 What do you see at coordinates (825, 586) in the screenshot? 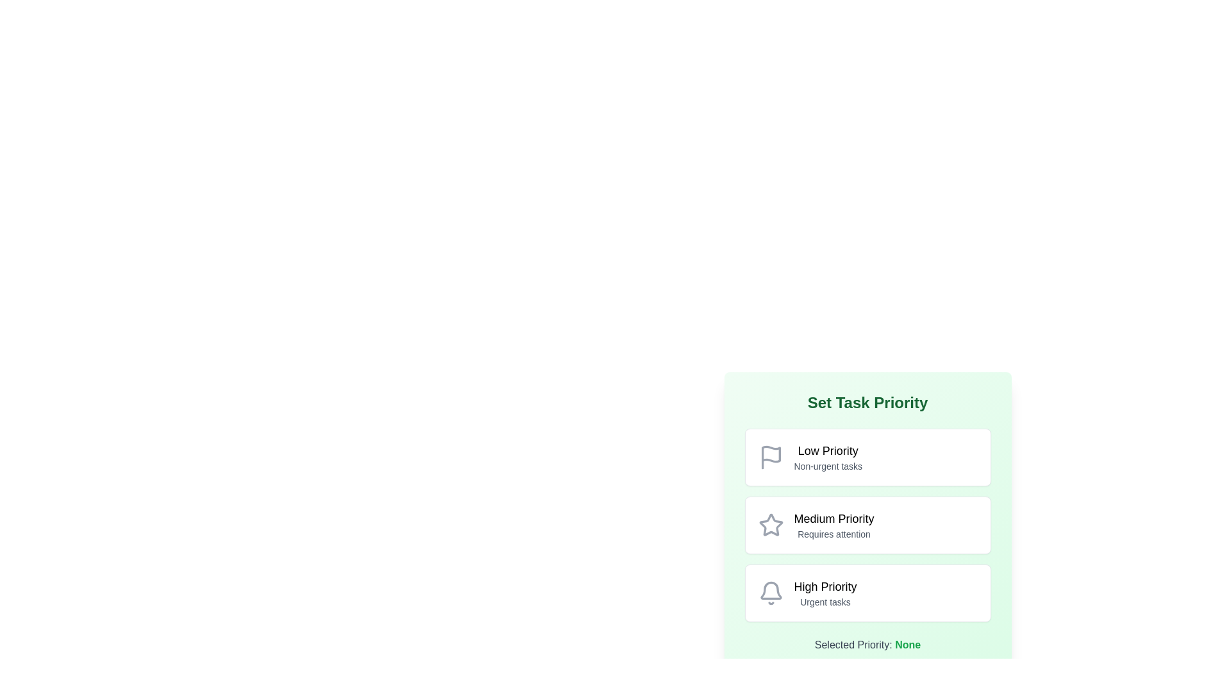
I see `the text label reading 'High Priority' which is located in the third row under 'Set Task Priority', to the right of the bell icon` at bounding box center [825, 586].